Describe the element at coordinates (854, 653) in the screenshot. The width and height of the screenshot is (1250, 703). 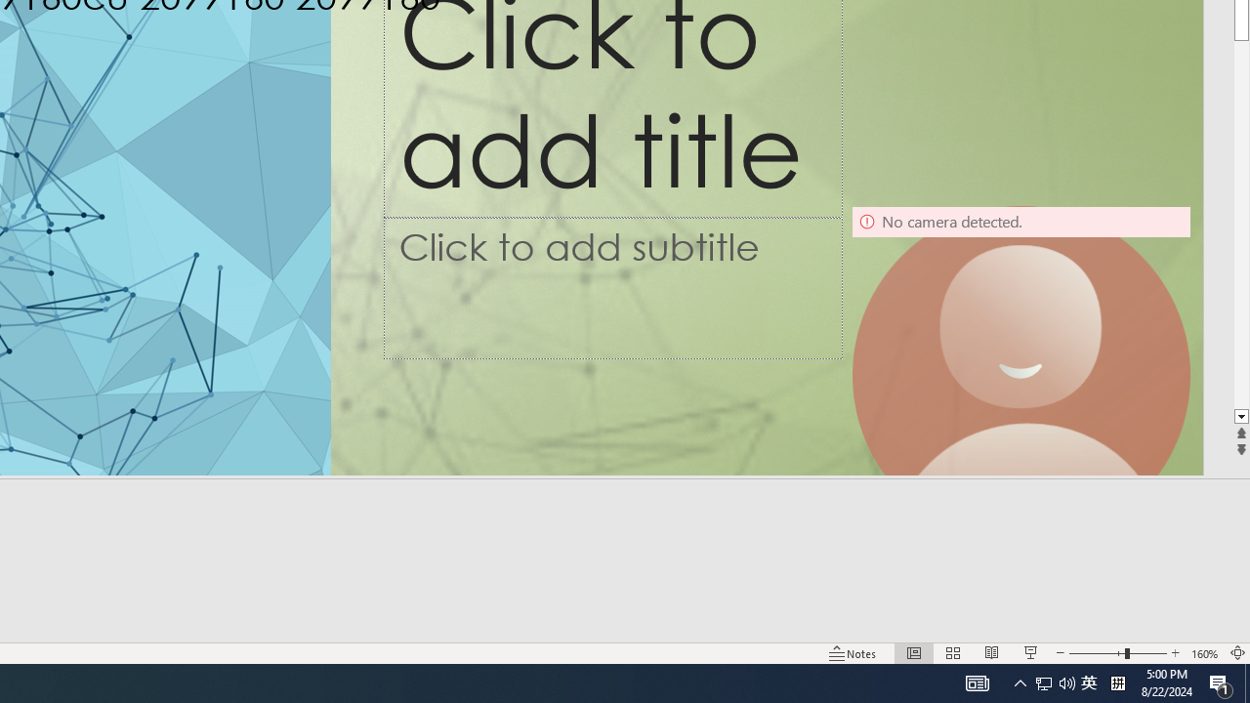
I see `'Notes '` at that location.